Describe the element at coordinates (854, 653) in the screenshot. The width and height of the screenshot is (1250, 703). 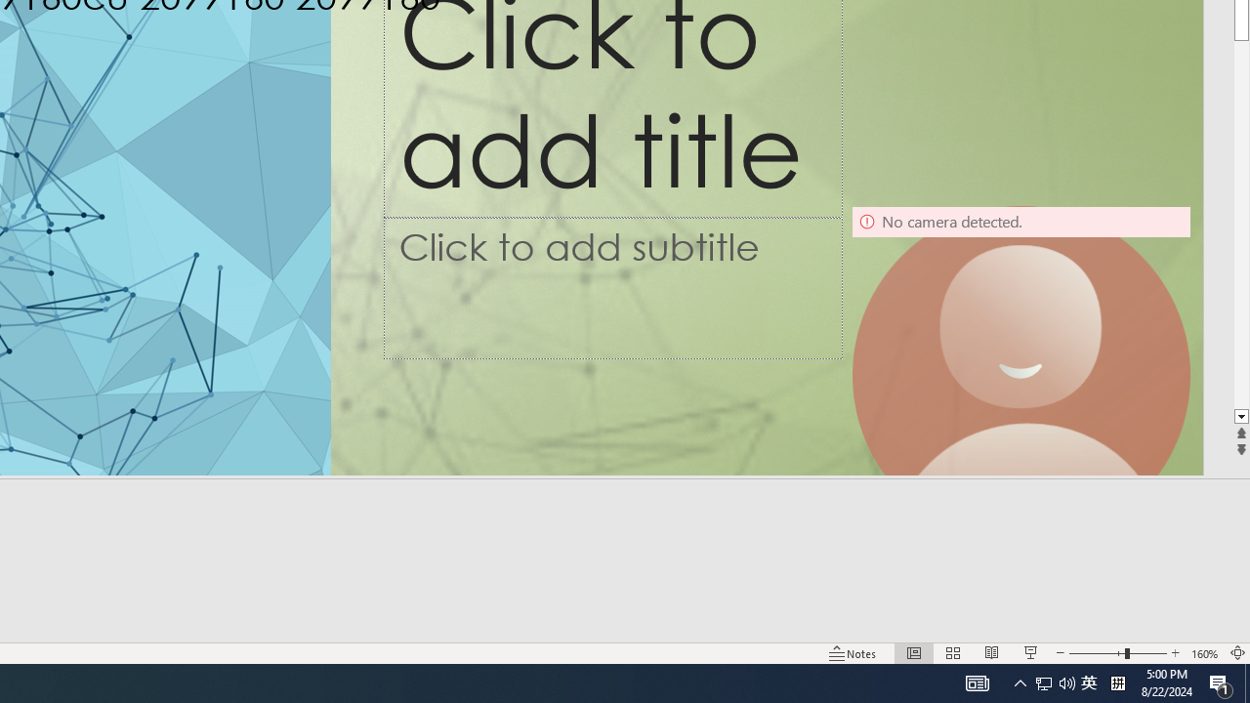
I see `'Notes '` at that location.